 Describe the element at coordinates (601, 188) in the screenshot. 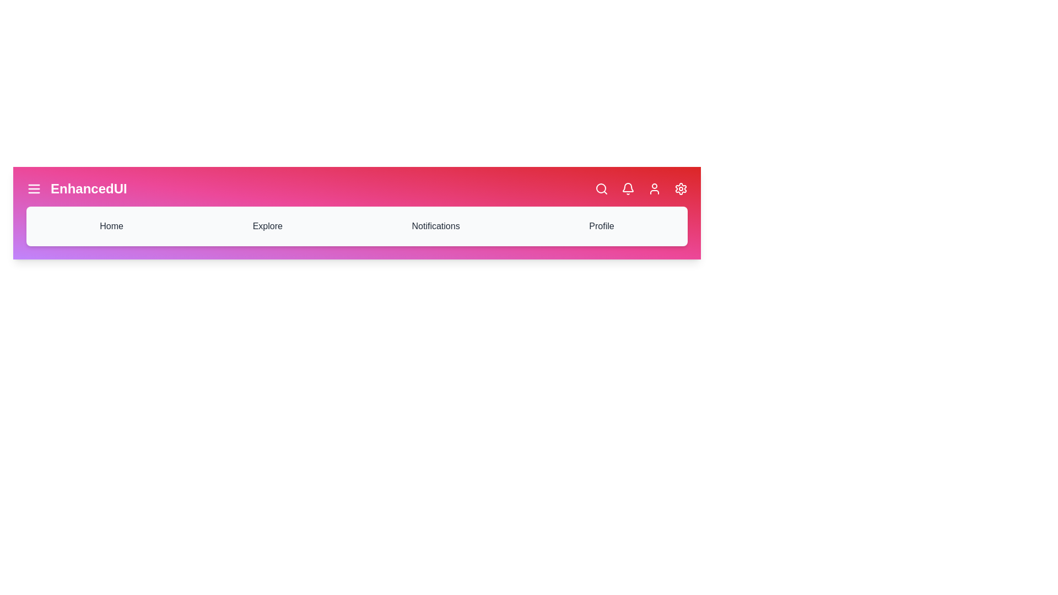

I see `the search icon to initiate a search` at that location.